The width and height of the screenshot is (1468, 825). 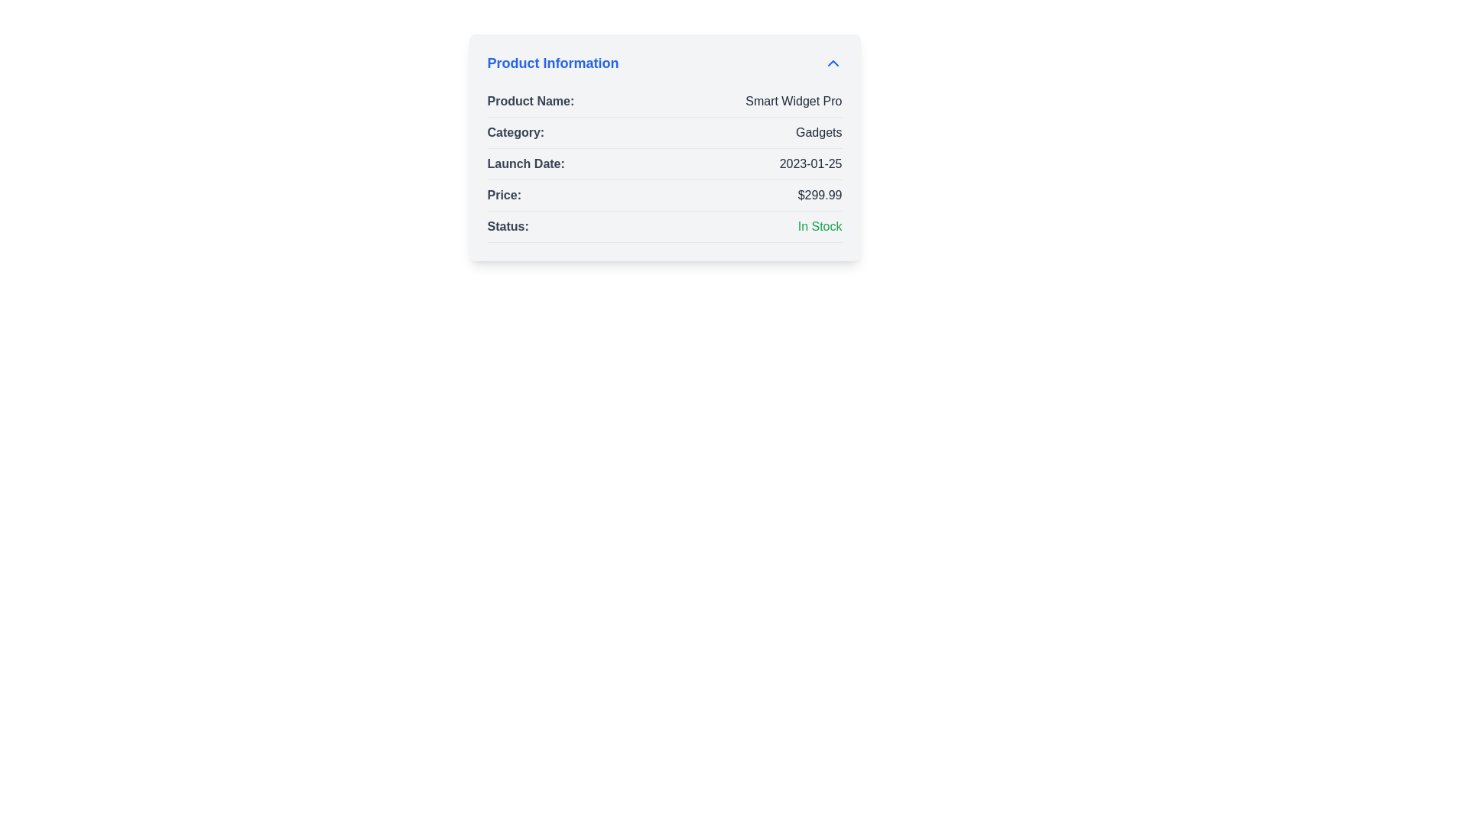 What do you see at coordinates (819, 194) in the screenshot?
I see `the static price display text label located to the right of 'Price:' in the fourth row of the Product Information card` at bounding box center [819, 194].